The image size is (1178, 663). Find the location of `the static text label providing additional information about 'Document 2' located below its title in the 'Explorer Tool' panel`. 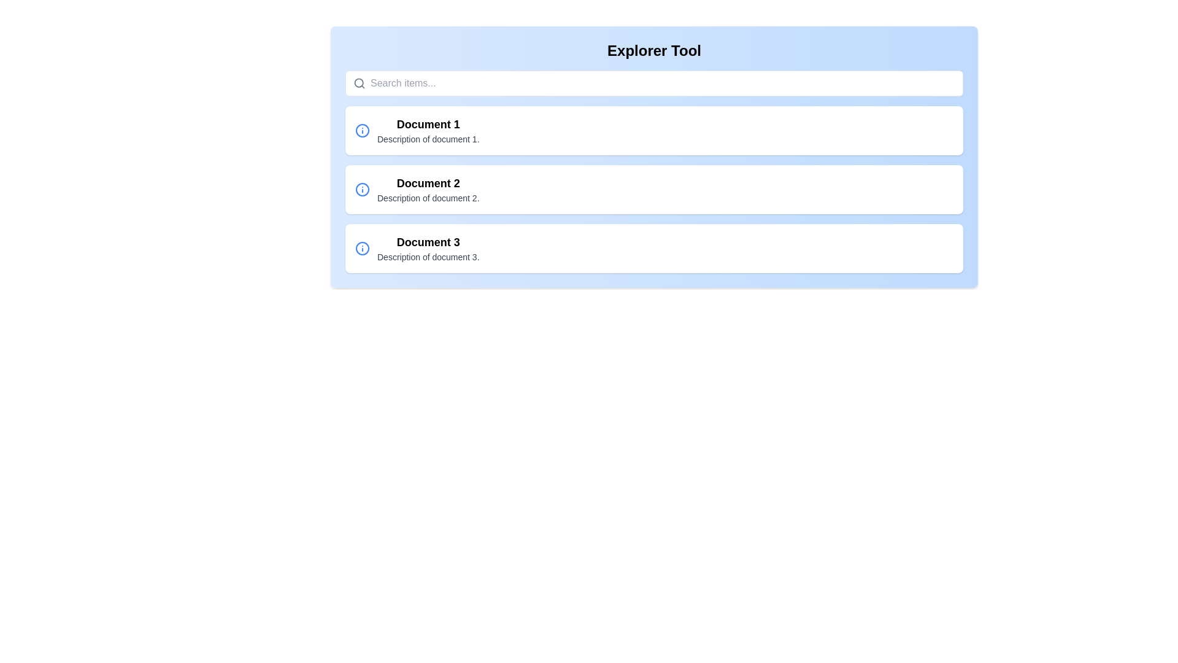

the static text label providing additional information about 'Document 2' located below its title in the 'Explorer Tool' panel is located at coordinates (428, 198).